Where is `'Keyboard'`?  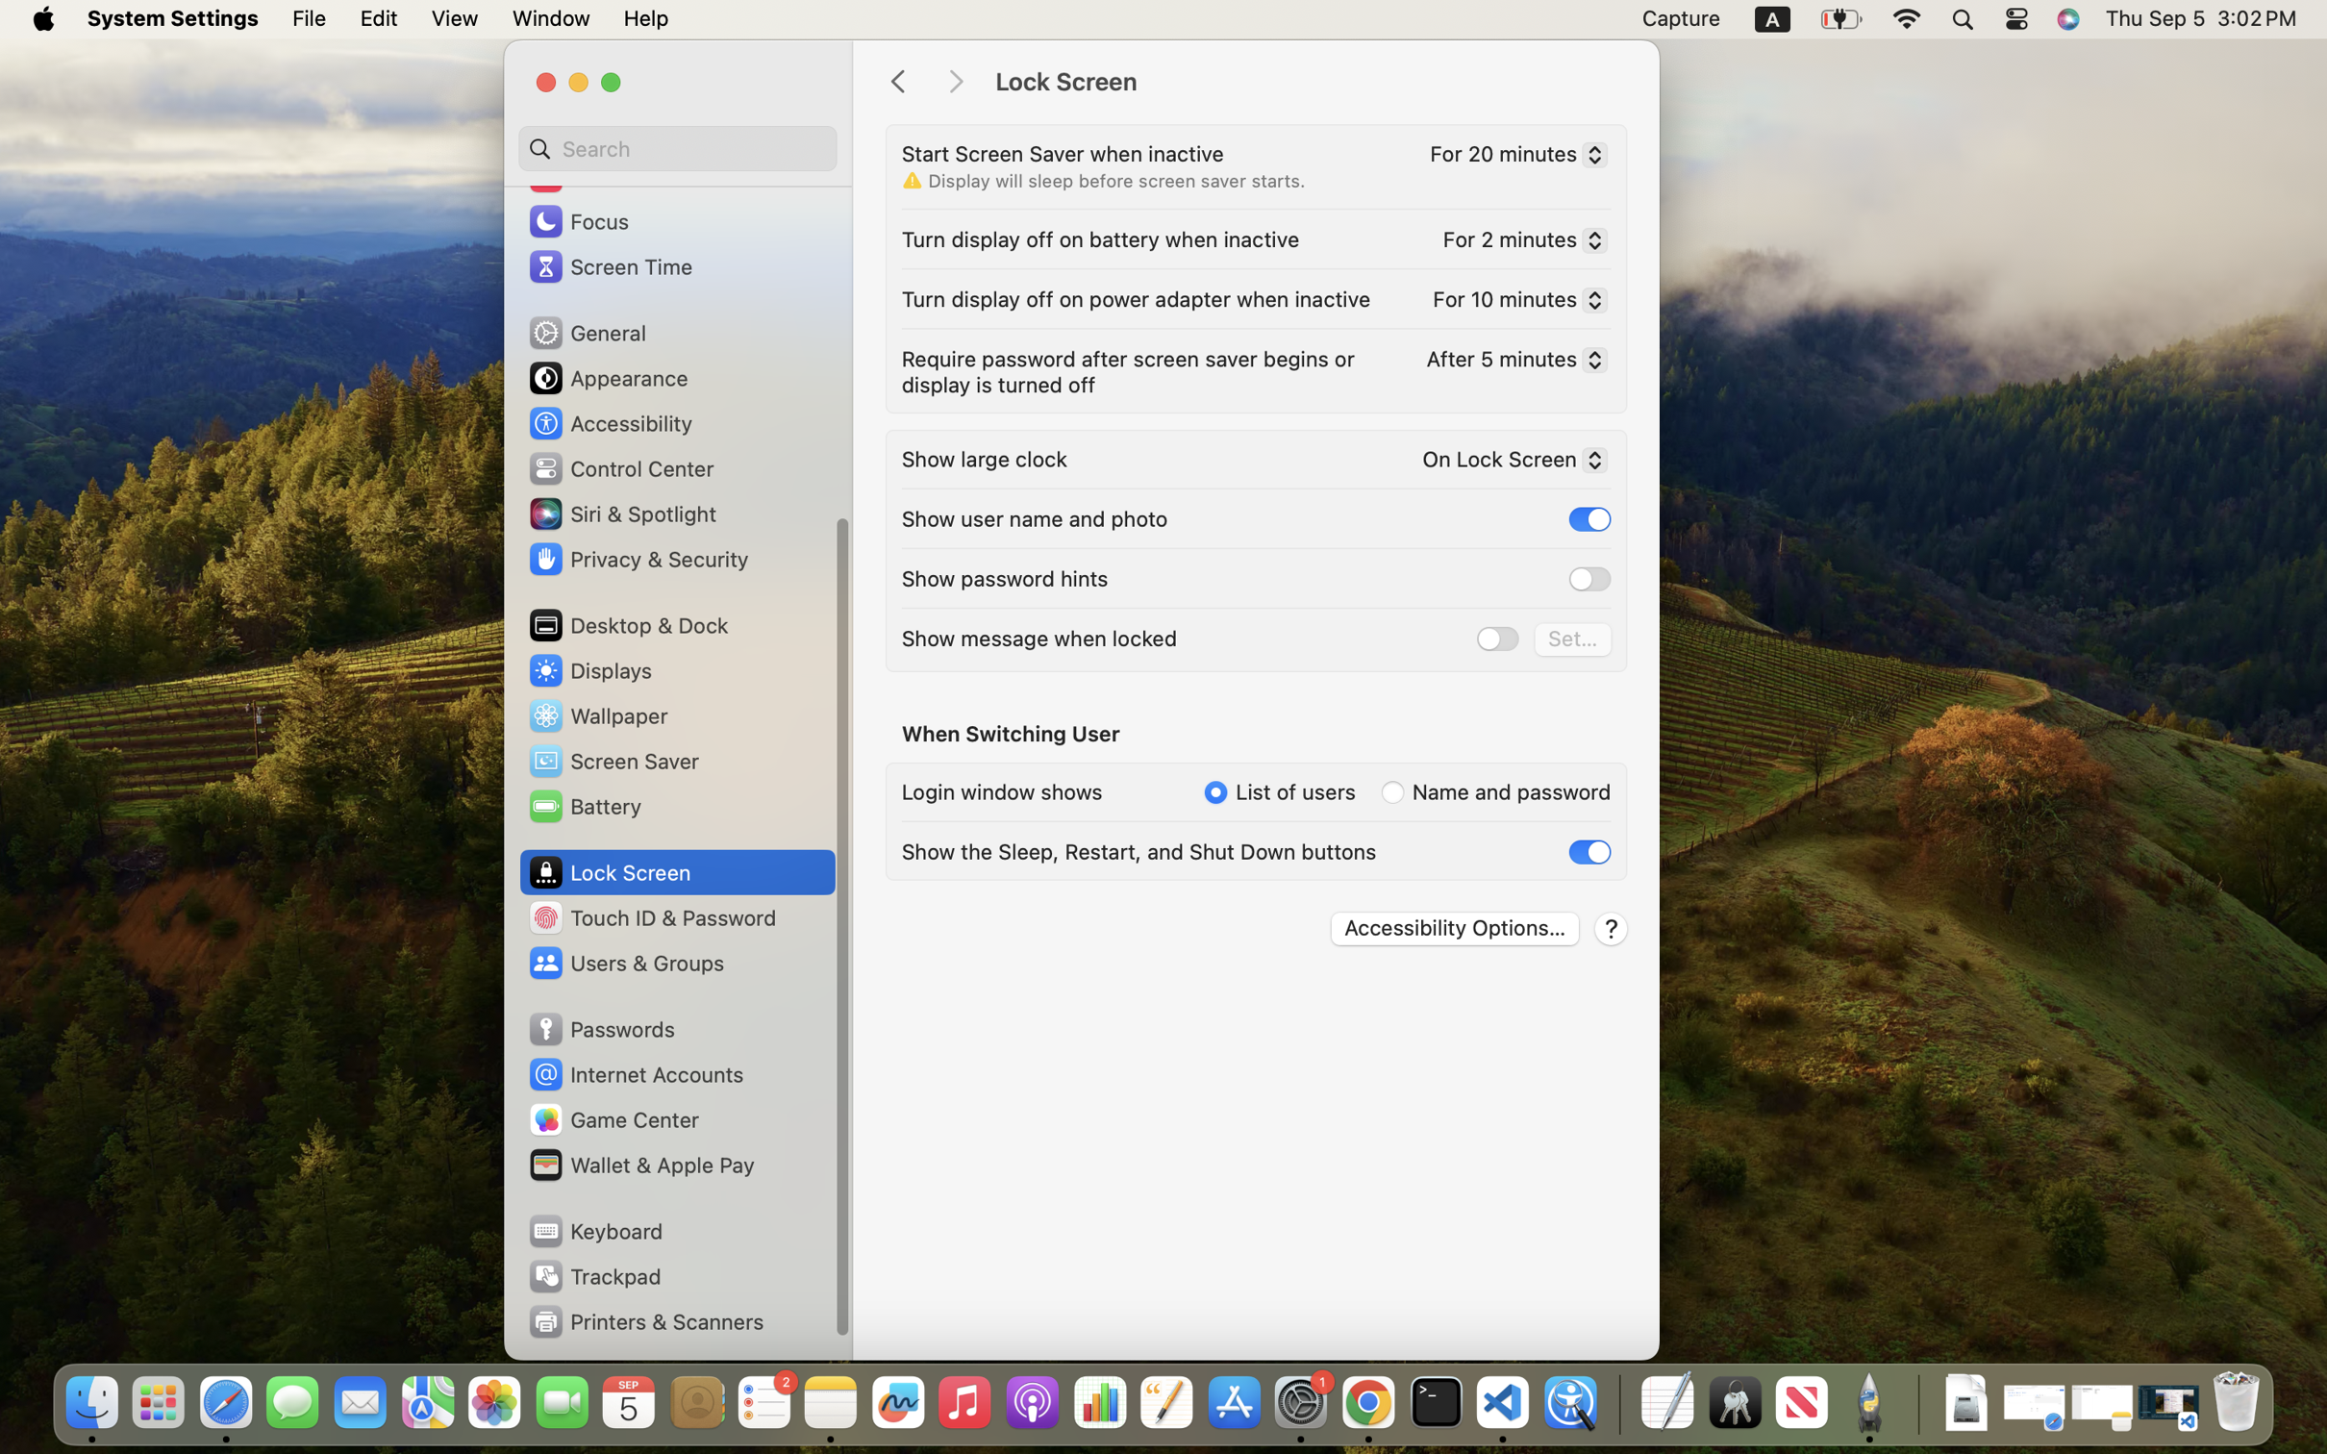
'Keyboard' is located at coordinates (594, 1229).